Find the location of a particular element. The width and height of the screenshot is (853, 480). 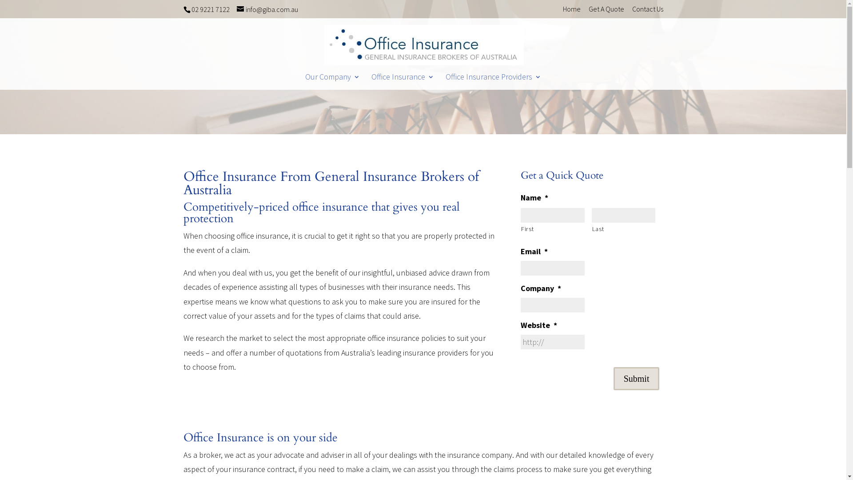

'Get A Quote' is located at coordinates (605, 12).